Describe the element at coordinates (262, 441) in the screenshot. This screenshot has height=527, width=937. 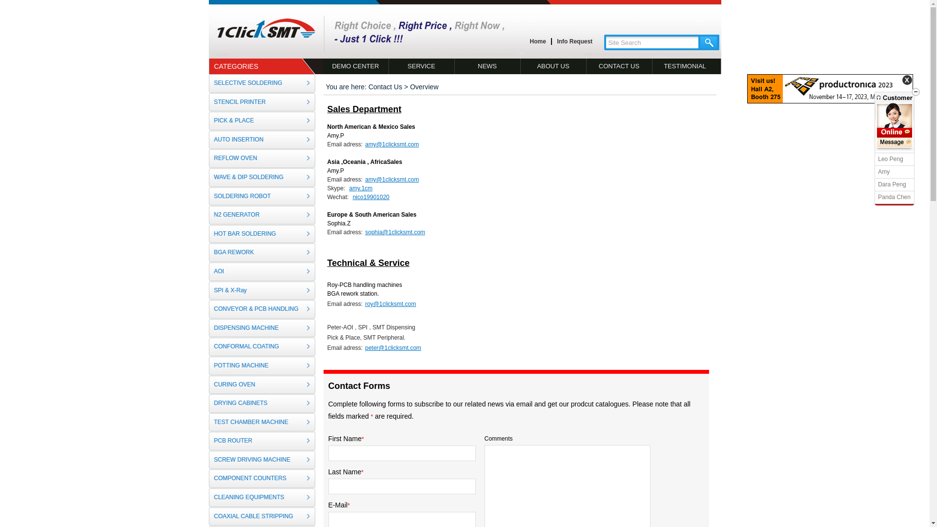
I see `'PCB ROUTER'` at that location.